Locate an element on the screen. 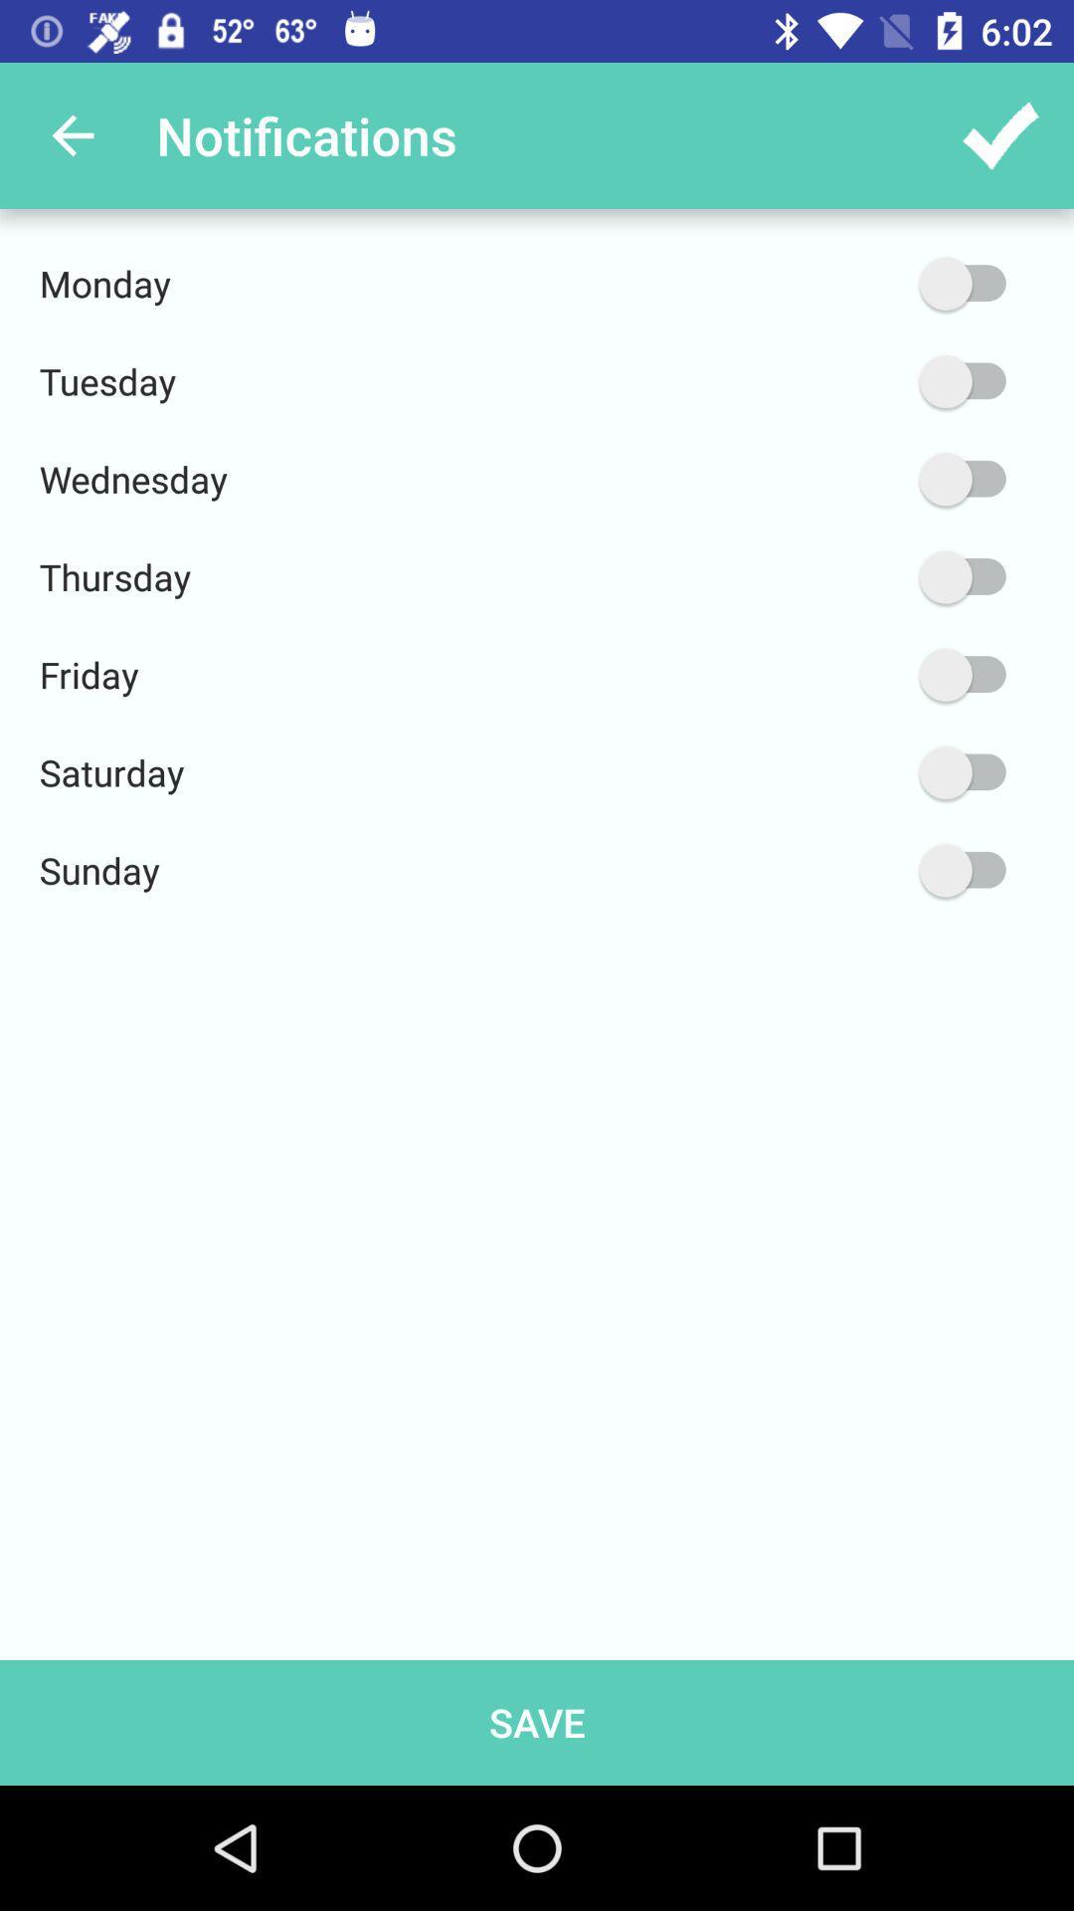 Image resolution: width=1074 pixels, height=1911 pixels. the item to the right of wednesday item is located at coordinates (867, 479).